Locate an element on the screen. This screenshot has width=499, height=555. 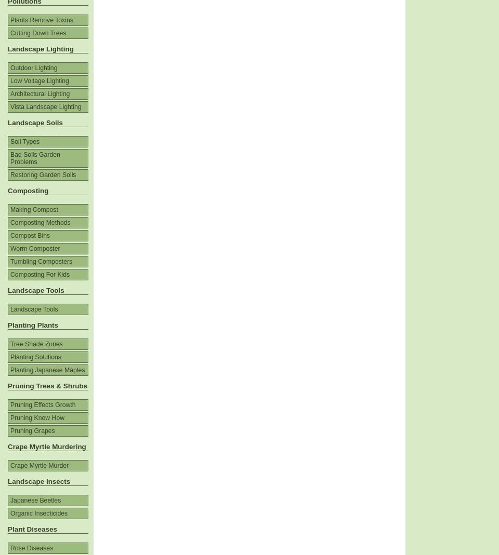
'Landscape Insects' is located at coordinates (38, 481).